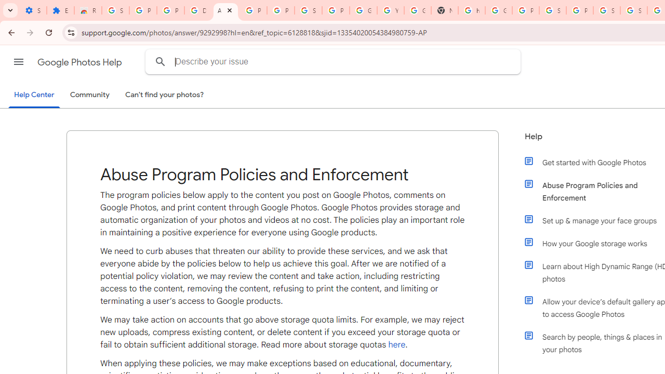  What do you see at coordinates (471, 10) in the screenshot?
I see `'https://scholar.google.com/'` at bounding box center [471, 10].